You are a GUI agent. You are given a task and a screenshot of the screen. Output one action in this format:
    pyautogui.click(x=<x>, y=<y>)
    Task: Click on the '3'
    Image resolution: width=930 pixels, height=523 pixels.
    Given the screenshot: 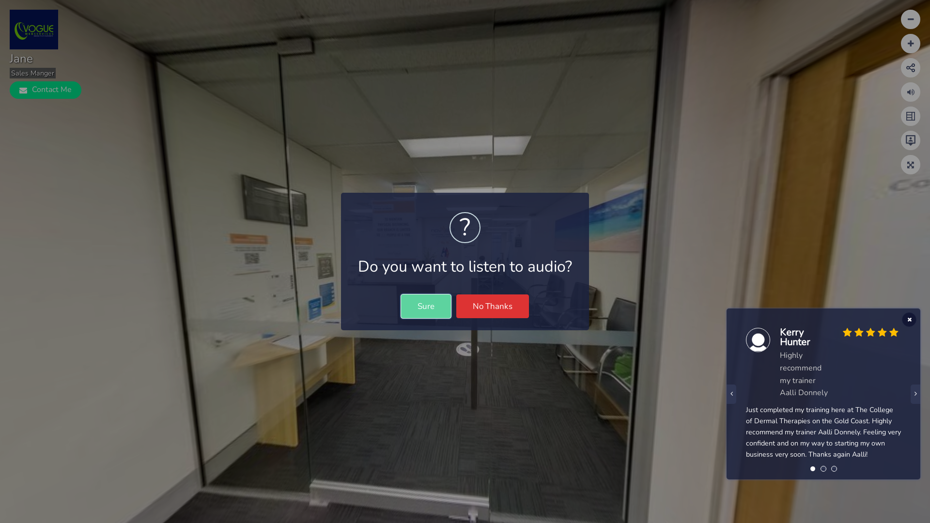 What is the action you would take?
    pyautogui.click(x=831, y=471)
    